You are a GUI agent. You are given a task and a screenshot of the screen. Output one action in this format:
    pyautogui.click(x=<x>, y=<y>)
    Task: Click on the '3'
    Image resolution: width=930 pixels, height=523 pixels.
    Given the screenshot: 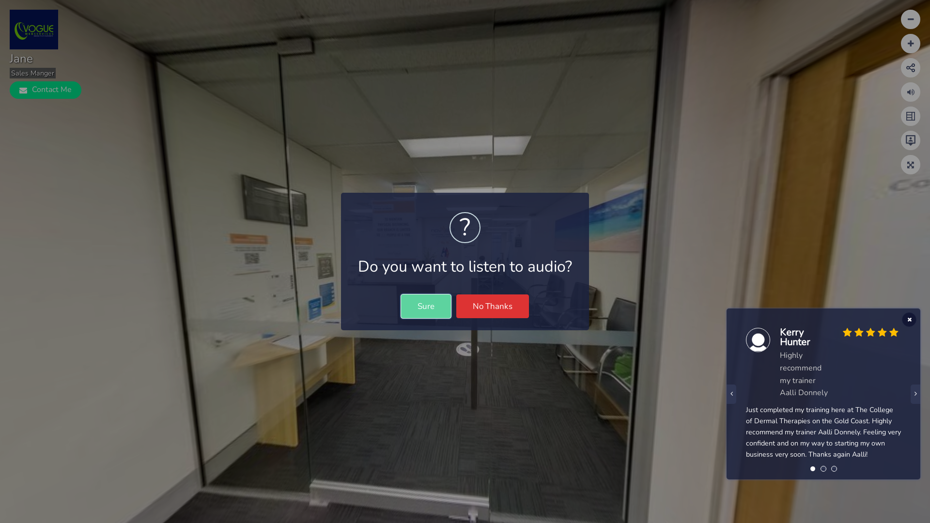 What is the action you would take?
    pyautogui.click(x=831, y=471)
    